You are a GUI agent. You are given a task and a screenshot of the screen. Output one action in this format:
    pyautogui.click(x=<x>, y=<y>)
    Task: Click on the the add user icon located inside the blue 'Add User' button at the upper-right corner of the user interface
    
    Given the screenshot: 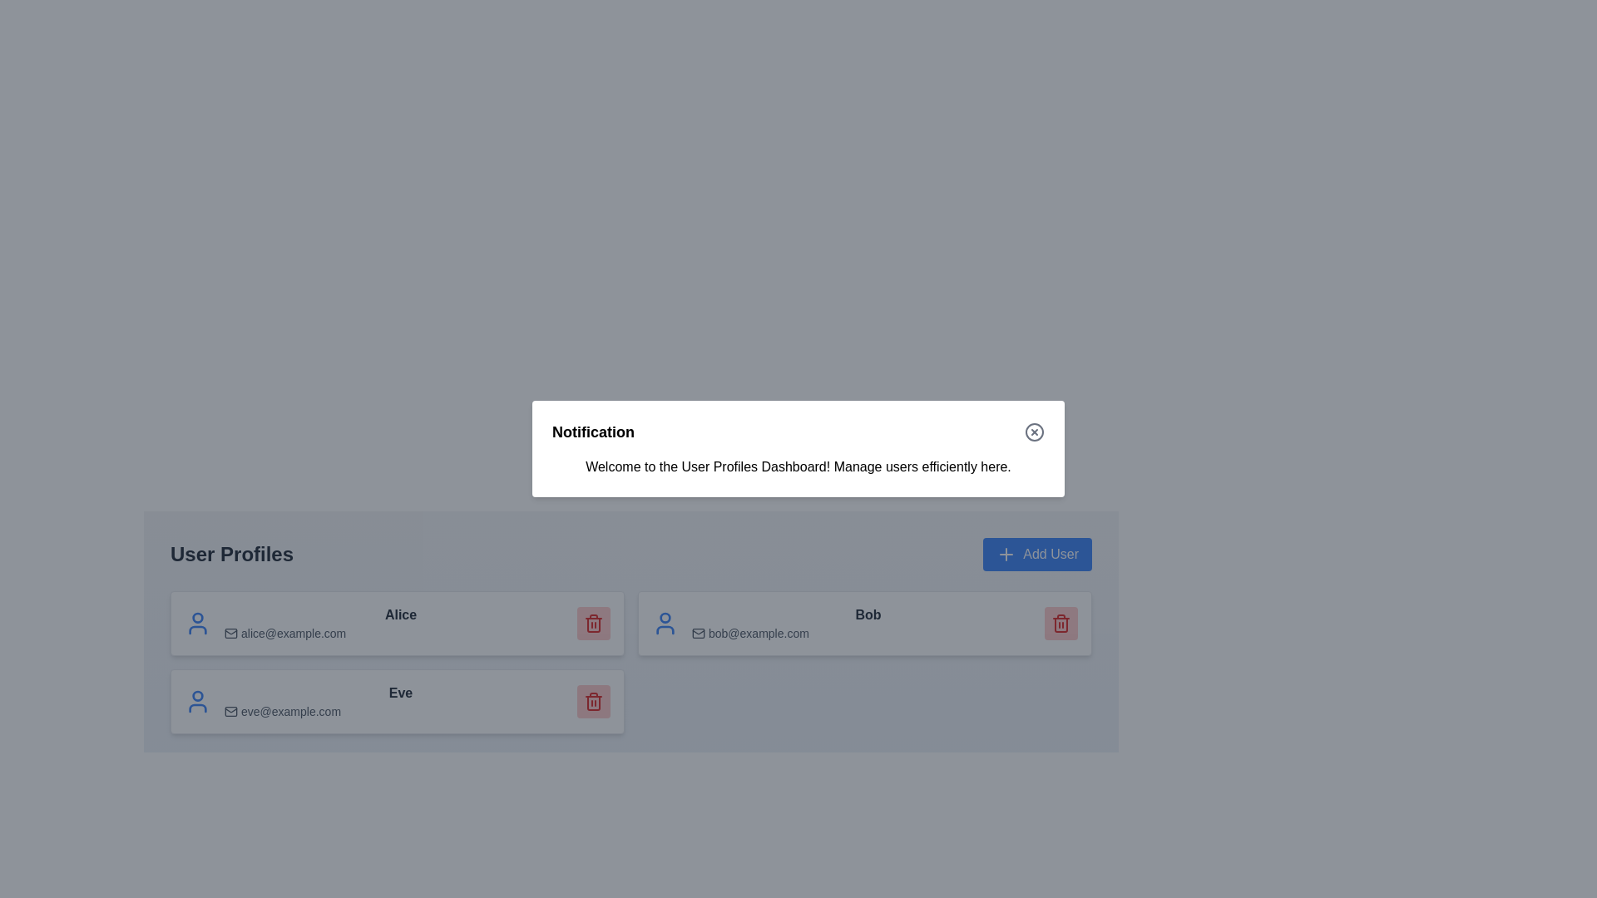 What is the action you would take?
    pyautogui.click(x=1006, y=555)
    